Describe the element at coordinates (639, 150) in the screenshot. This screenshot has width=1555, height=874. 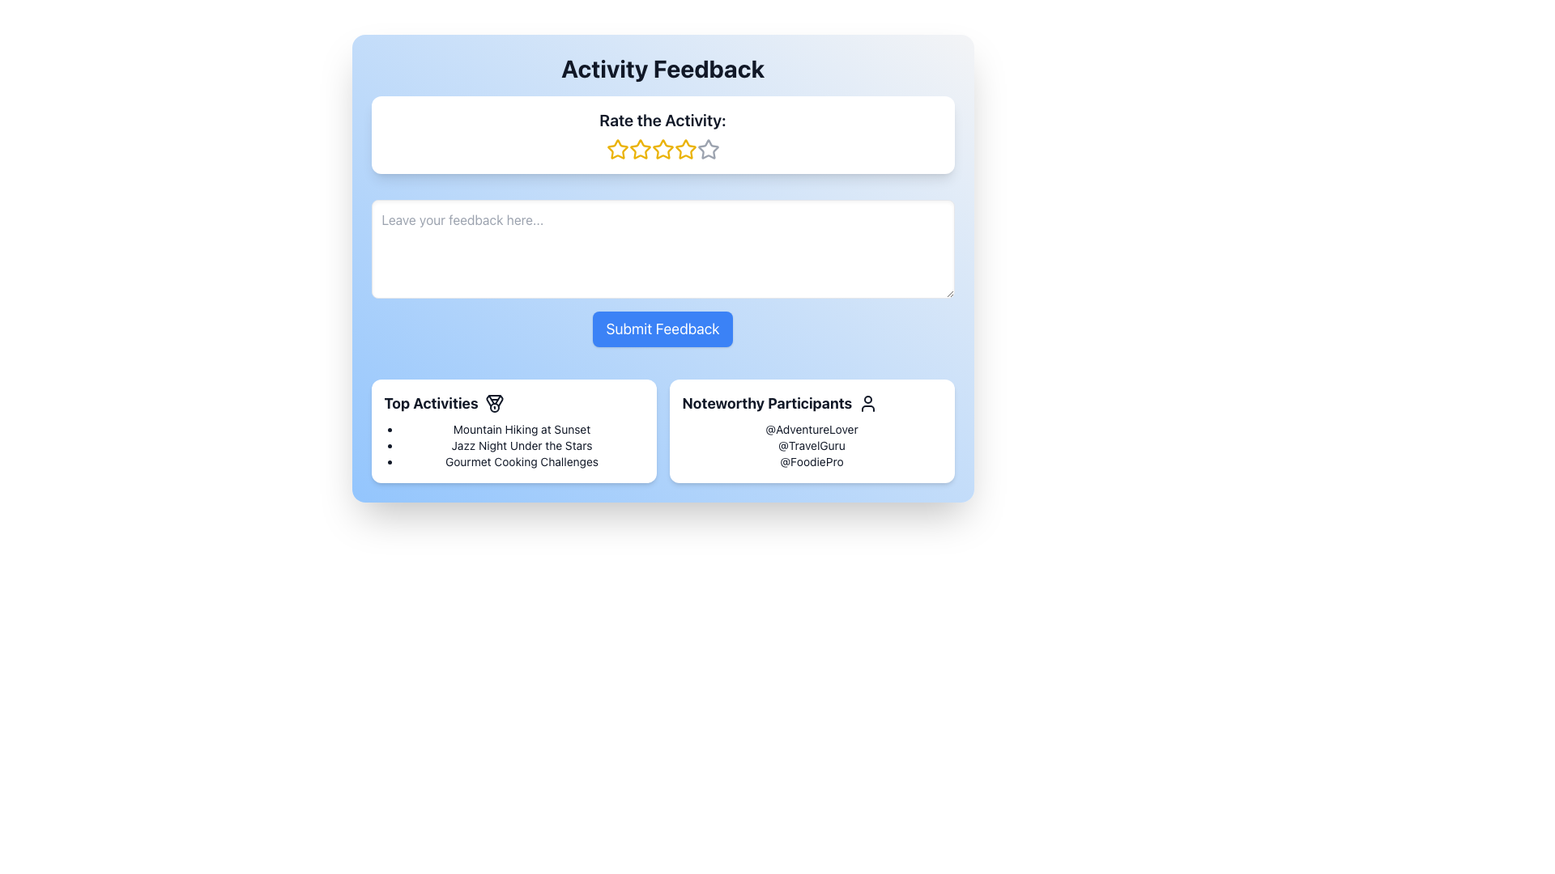
I see `the third star in the horizontal row of five stars to provide a 3-star rating for the associated activity in the 'Rate the Activity' section` at that location.